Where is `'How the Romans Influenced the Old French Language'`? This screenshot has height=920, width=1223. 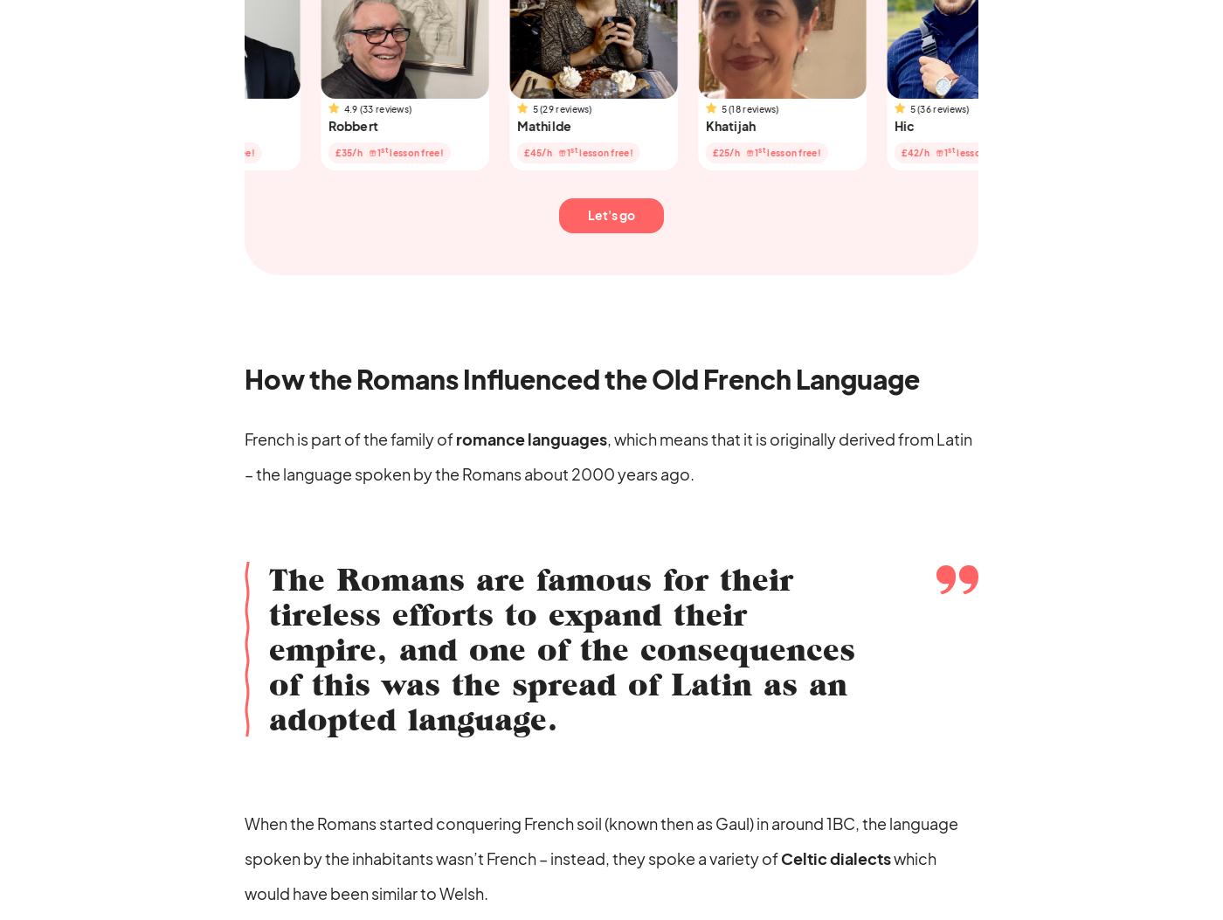 'How the Romans Influenced the Old French Language' is located at coordinates (582, 377).